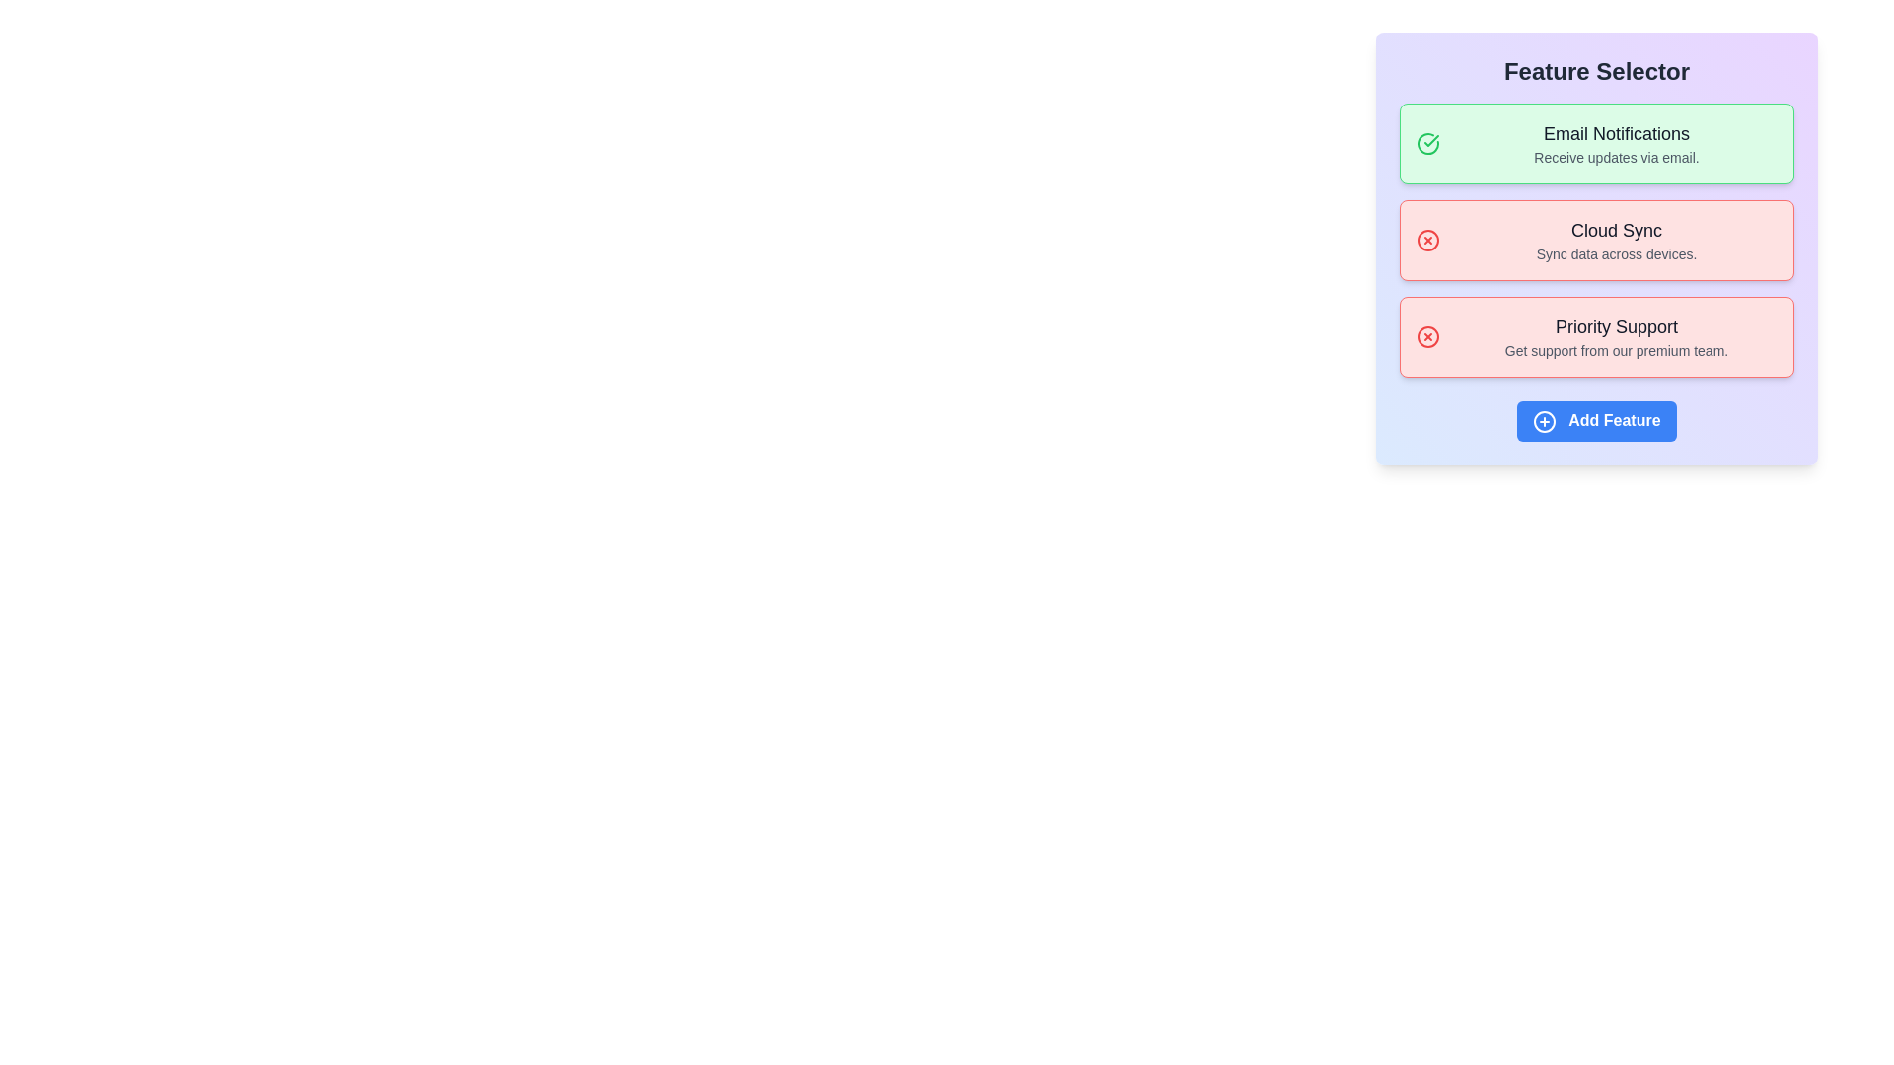 This screenshot has height=1065, width=1894. Describe the element at coordinates (1616, 143) in the screenshot. I see `the text block displaying 'Email Notifications' and 'Receive updates via email' with a light-green background located at the top of the feature selection interface` at that location.